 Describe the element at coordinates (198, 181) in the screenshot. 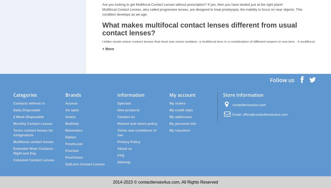

I see `', All Rights Reserved'` at that location.